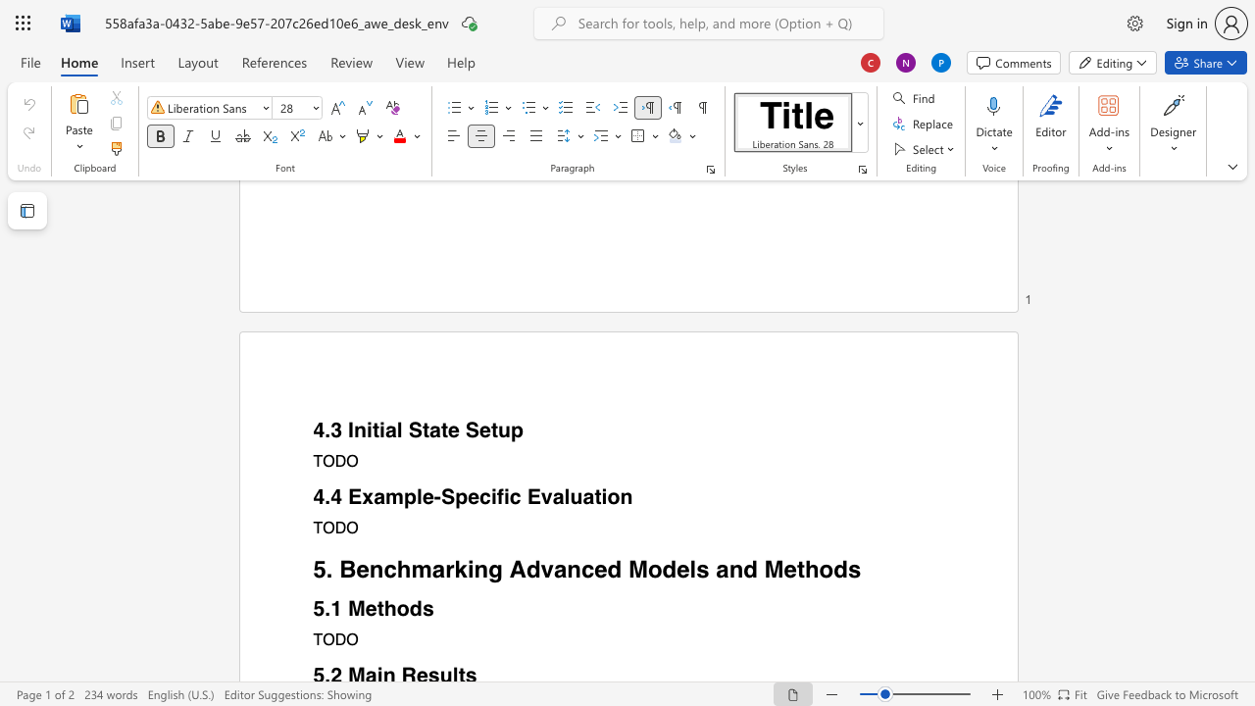 Image resolution: width=1255 pixels, height=706 pixels. Describe the element at coordinates (540, 496) in the screenshot. I see `the subset text "valuation" within the text "4.4 Example-Specific Evaluation"` at that location.